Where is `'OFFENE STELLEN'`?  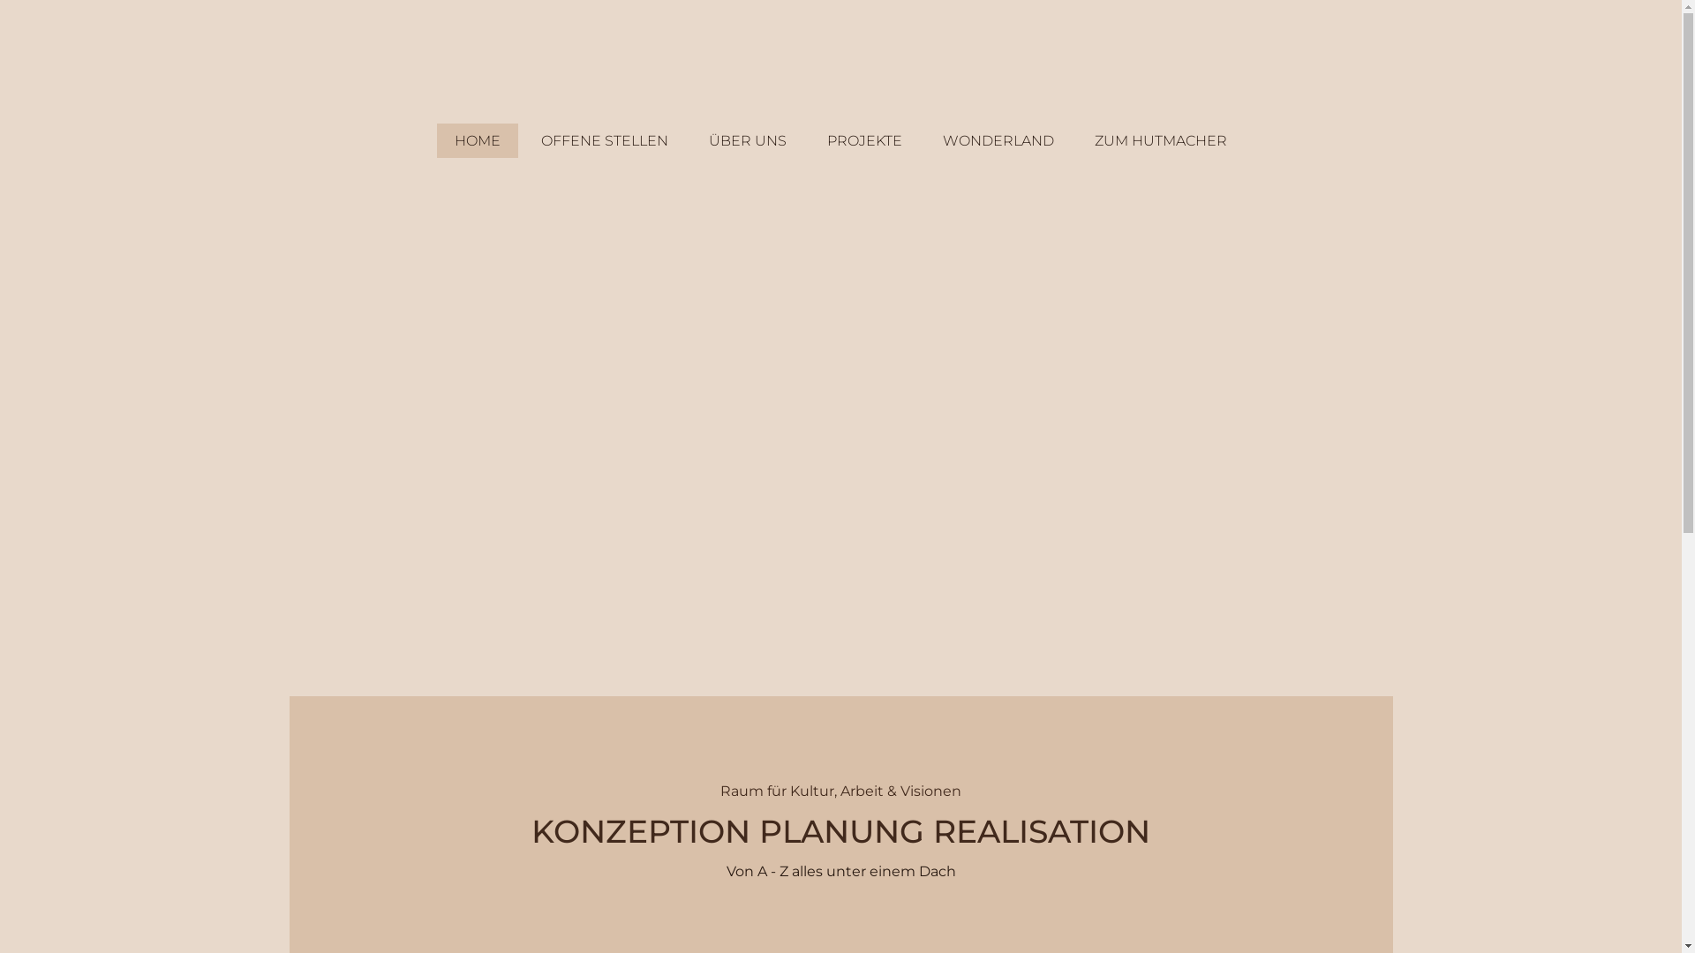
'OFFENE STELLEN' is located at coordinates (523, 139).